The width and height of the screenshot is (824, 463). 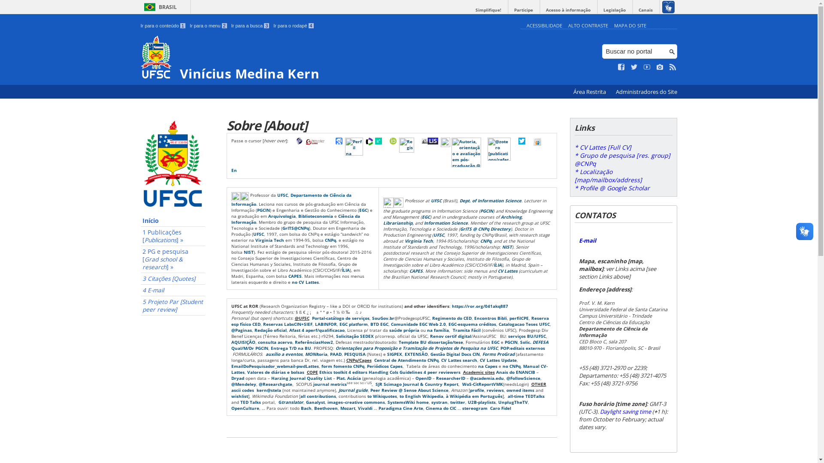 What do you see at coordinates (382, 396) in the screenshot?
I see `'to Wikiquotes'` at bounding box center [382, 396].